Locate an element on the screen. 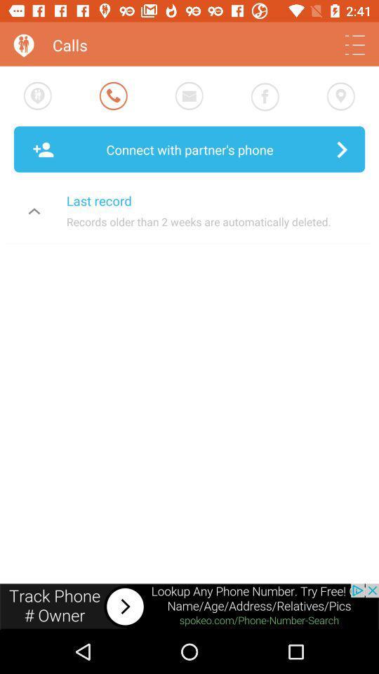 The width and height of the screenshot is (379, 674). click on advertisement is located at coordinates (189, 606).